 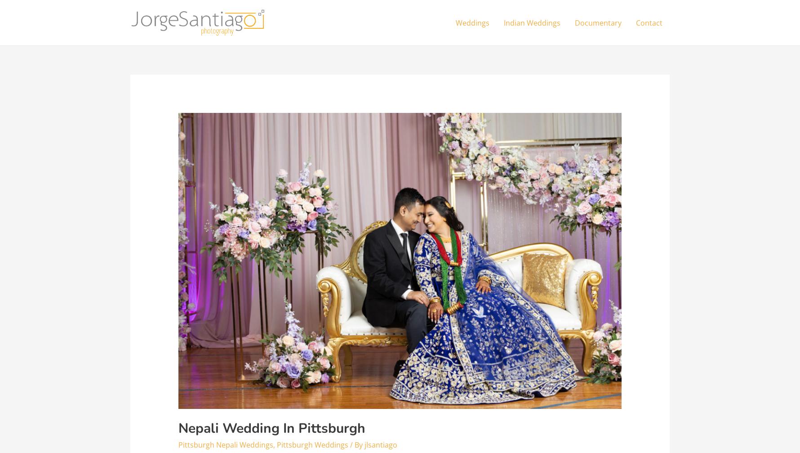 I want to click on 'Nepali Wedding in Pittsburgh', so click(x=271, y=428).